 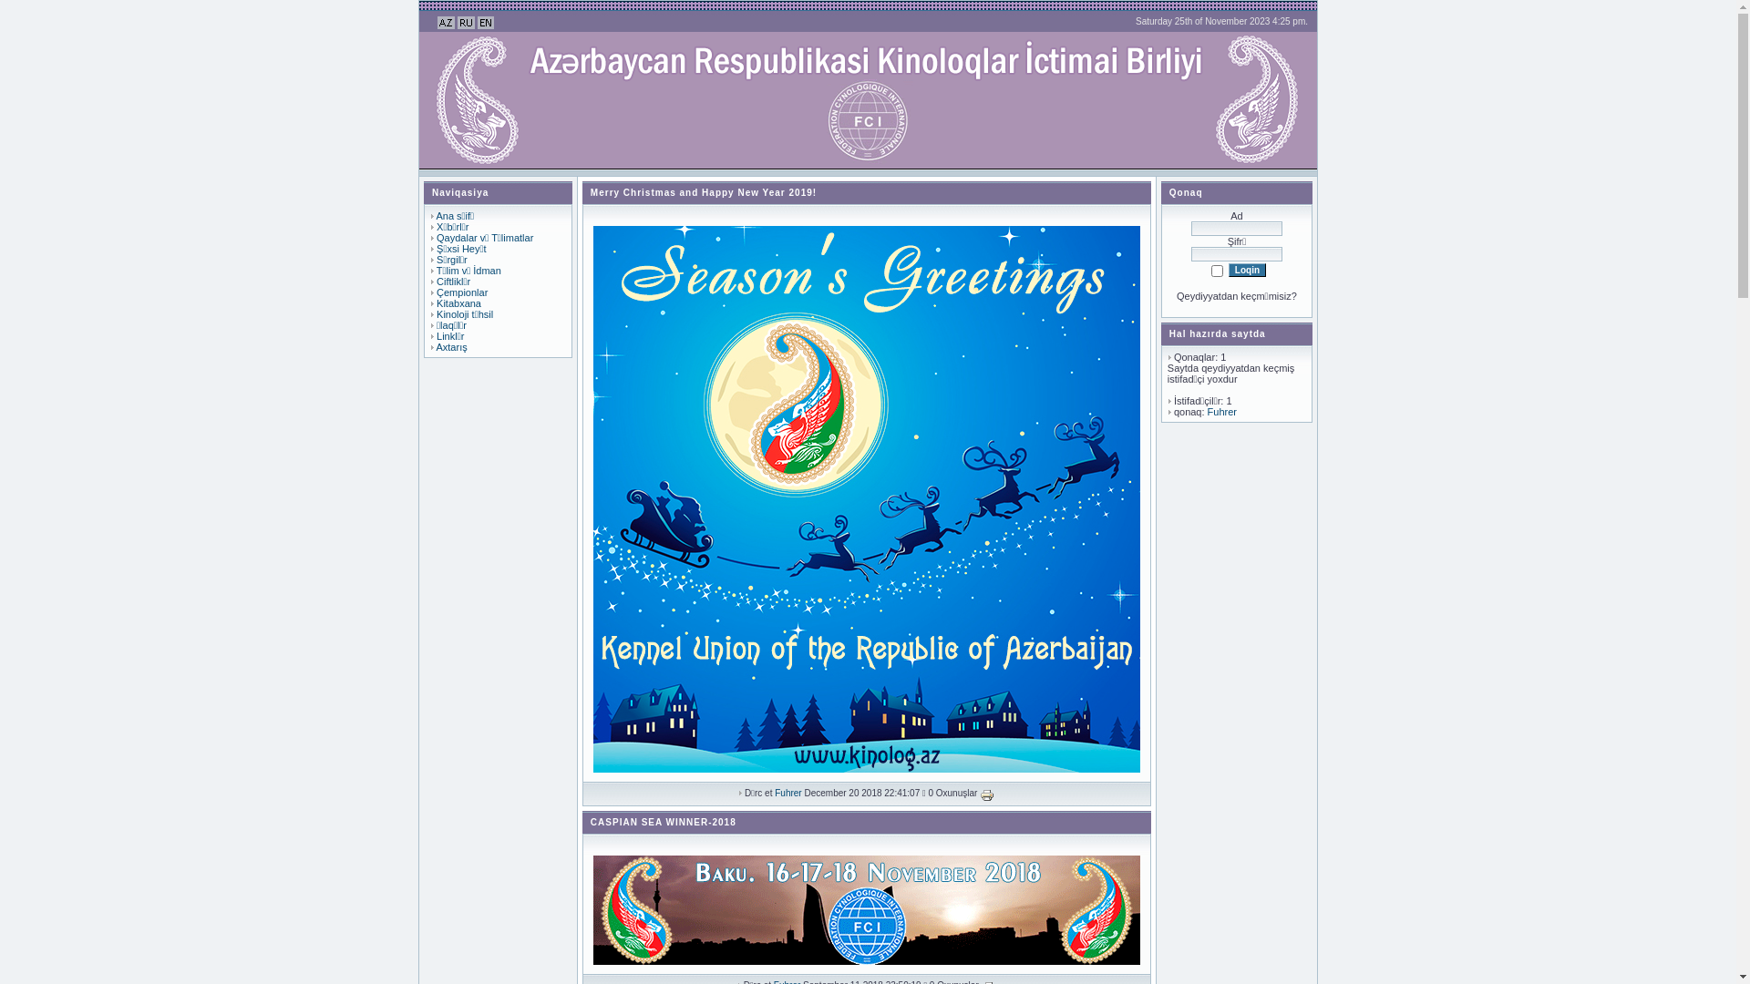 What do you see at coordinates (1246, 270) in the screenshot?
I see `'Loqin'` at bounding box center [1246, 270].